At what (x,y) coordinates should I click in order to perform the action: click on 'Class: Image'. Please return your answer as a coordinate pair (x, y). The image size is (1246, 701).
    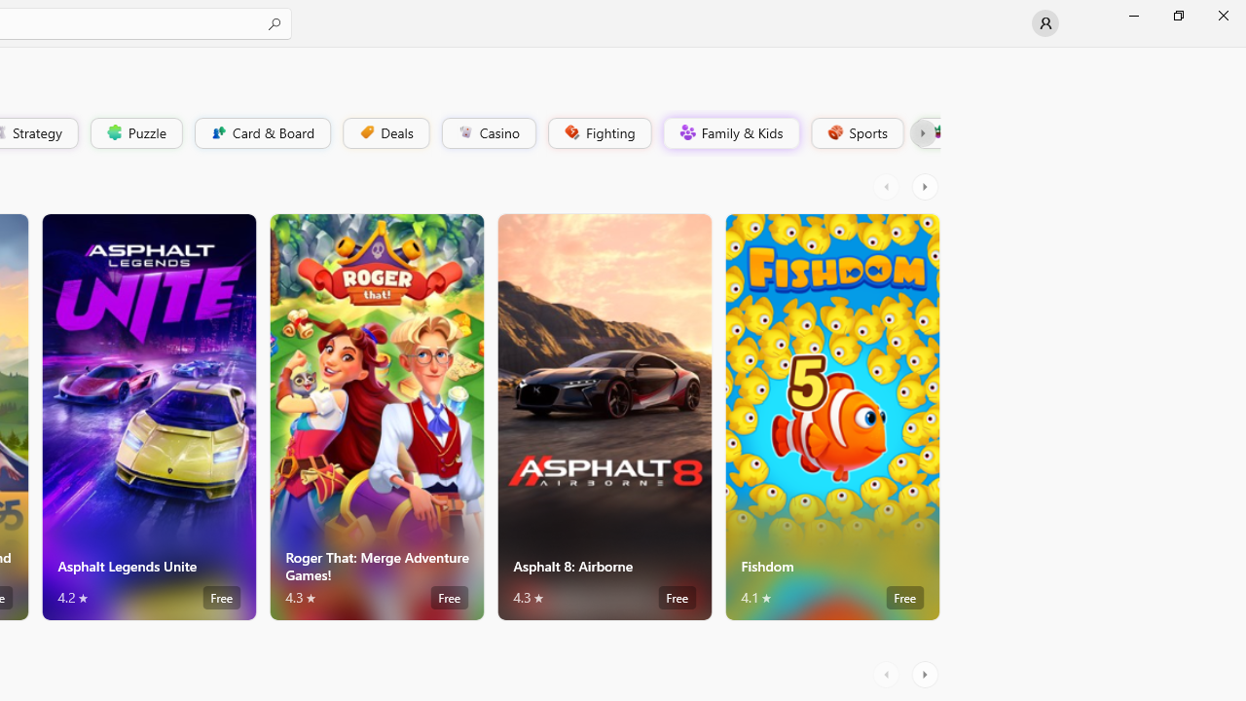
    Looking at the image, I should click on (935, 131).